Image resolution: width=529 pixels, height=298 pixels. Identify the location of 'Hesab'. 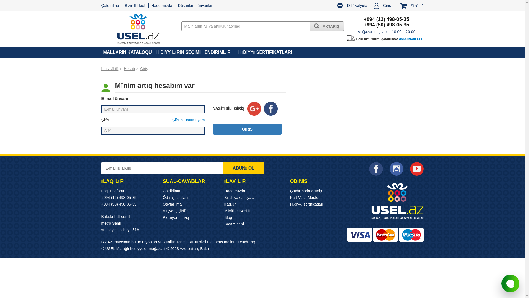
(129, 68).